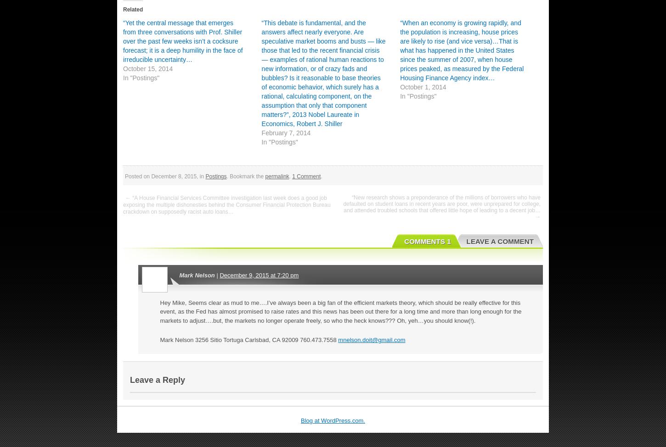 This screenshot has width=666, height=447. I want to click on 'permalink', so click(277, 175).